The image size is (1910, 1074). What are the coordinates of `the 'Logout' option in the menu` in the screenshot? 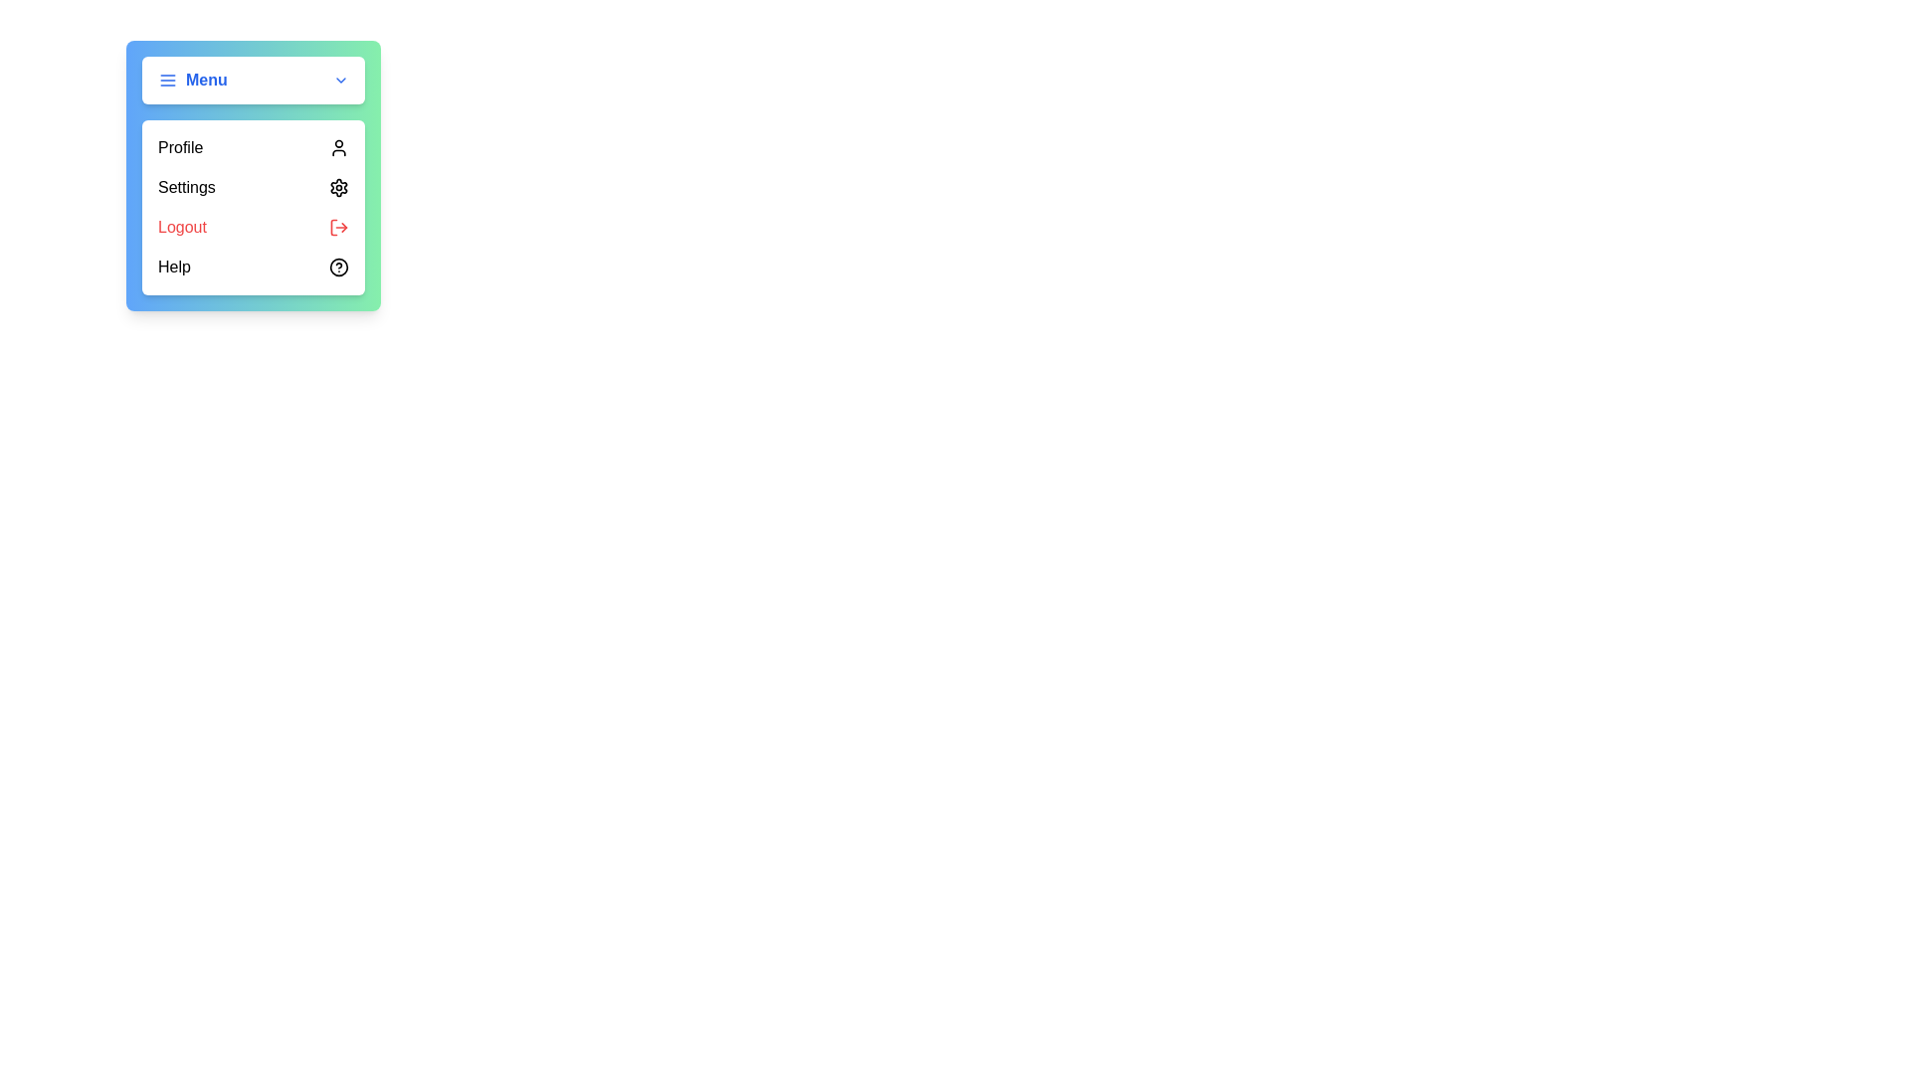 It's located at (252, 226).